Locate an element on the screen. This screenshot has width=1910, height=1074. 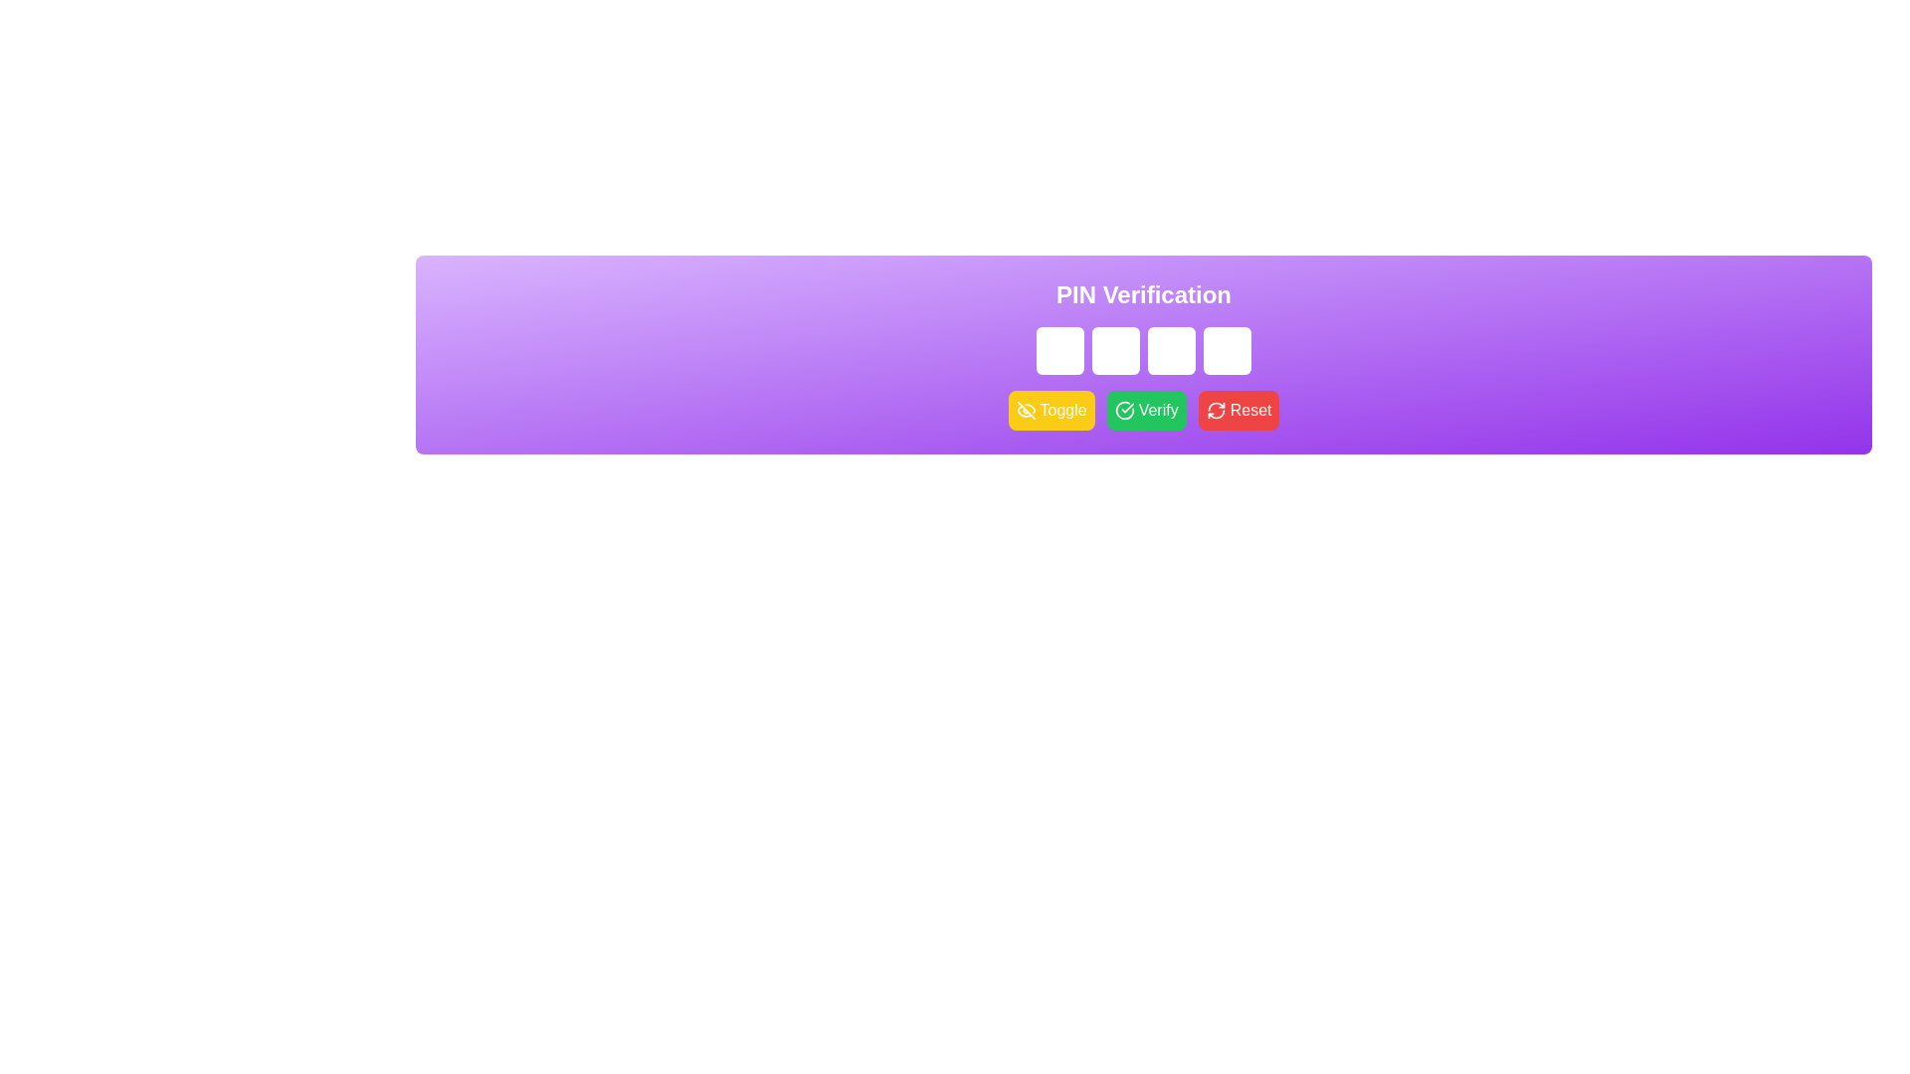
the 'Verify' button, which displays white text on a green button with rounded corners and a checkmark icon to the left is located at coordinates (1158, 409).